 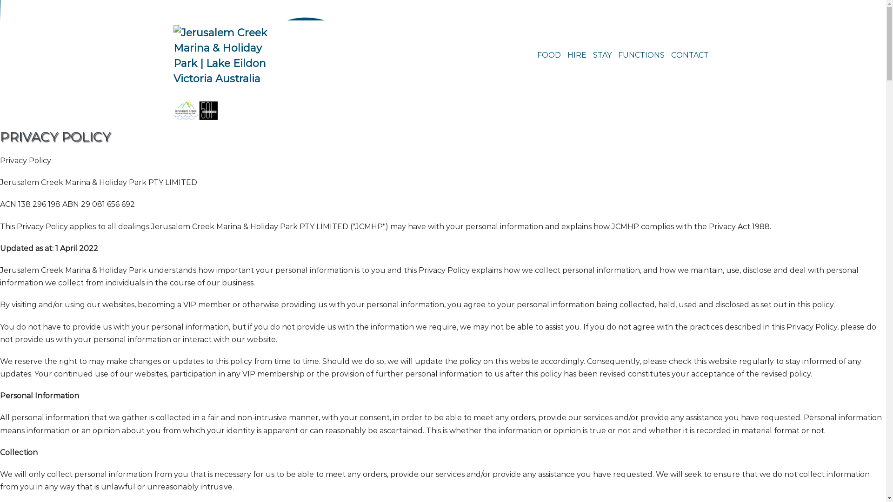 What do you see at coordinates (642, 55) in the screenshot?
I see `'FUNCTIONS'` at bounding box center [642, 55].